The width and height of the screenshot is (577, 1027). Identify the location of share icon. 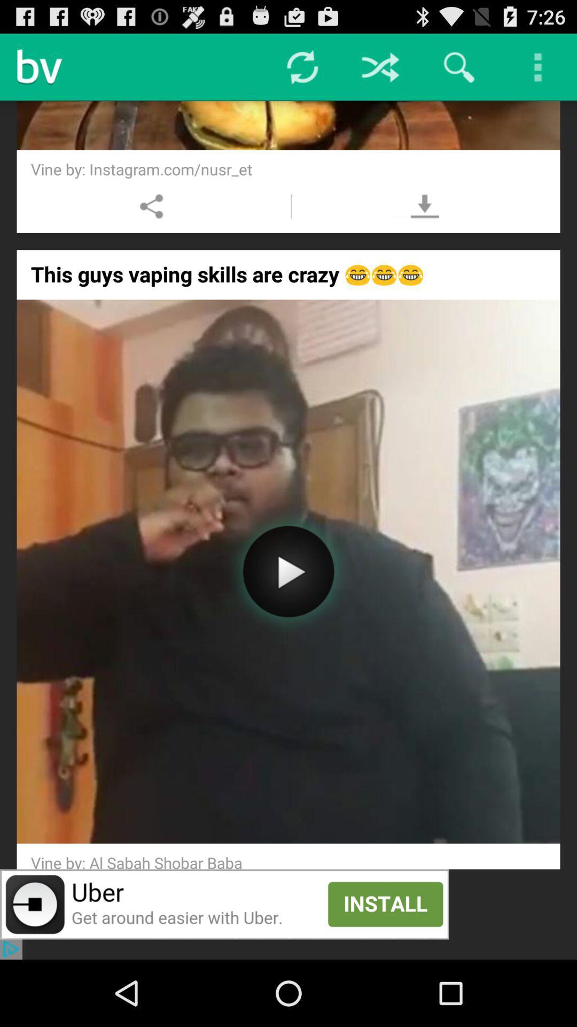
(152, 206).